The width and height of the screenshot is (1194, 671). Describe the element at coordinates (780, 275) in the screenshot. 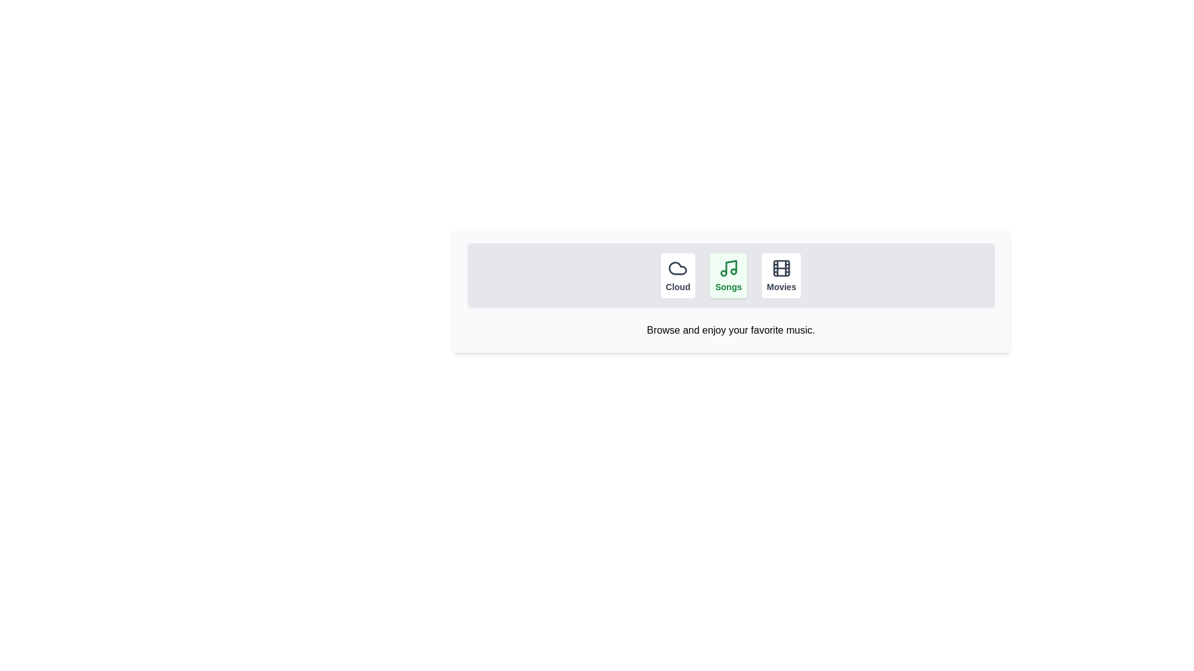

I see `the 'Movies' button` at that location.